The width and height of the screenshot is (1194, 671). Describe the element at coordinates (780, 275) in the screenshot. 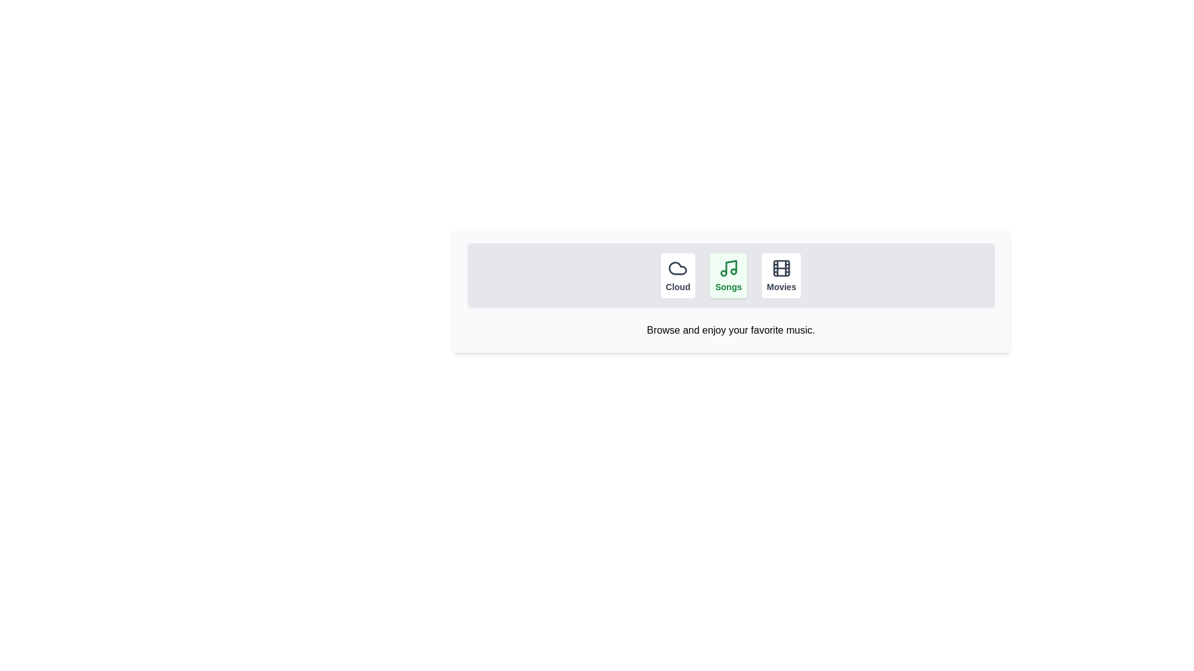

I see `the 'Movies' button` at that location.